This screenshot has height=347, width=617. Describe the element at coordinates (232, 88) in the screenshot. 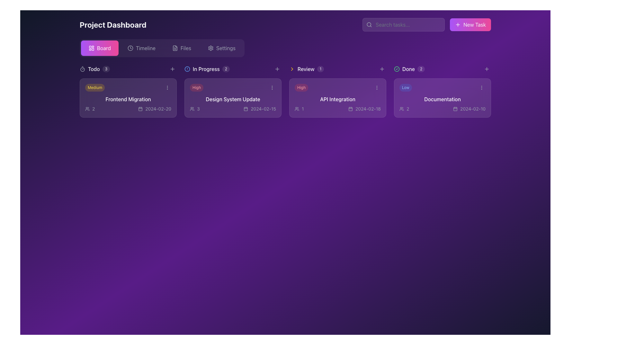

I see `the Label with a priority indicator located at the top-left corner of the 'Design System Update' card in the 'In Progress' column of the project management dashboard` at that location.